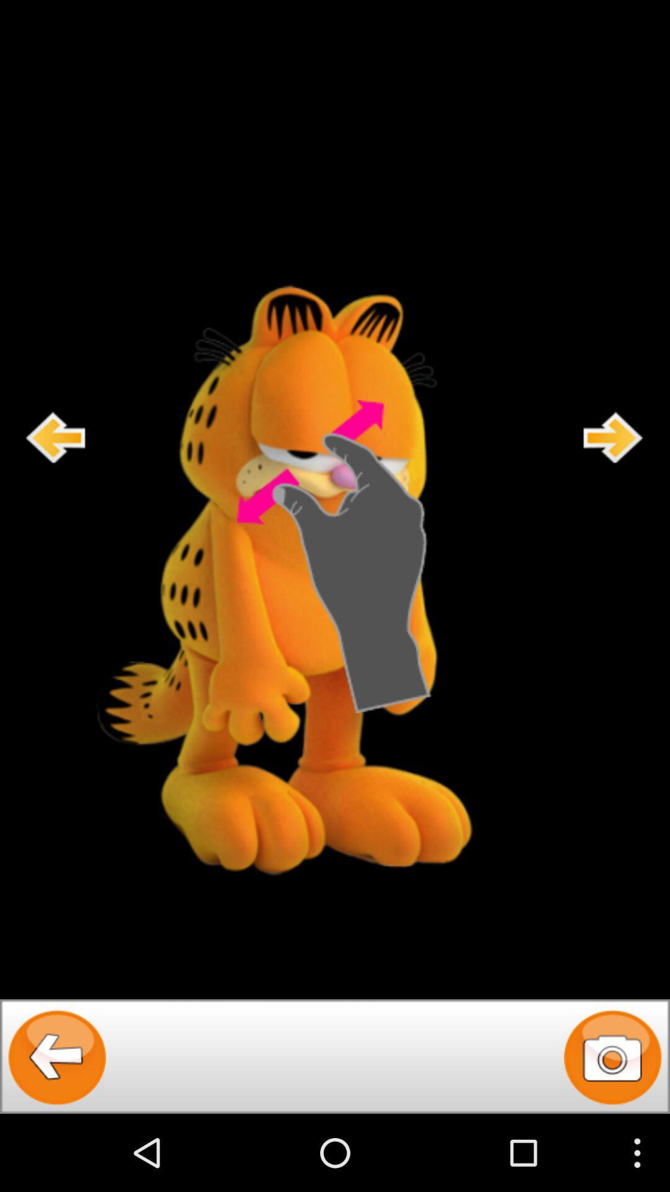 This screenshot has height=1192, width=670. I want to click on expand the screen, so click(334, 556).